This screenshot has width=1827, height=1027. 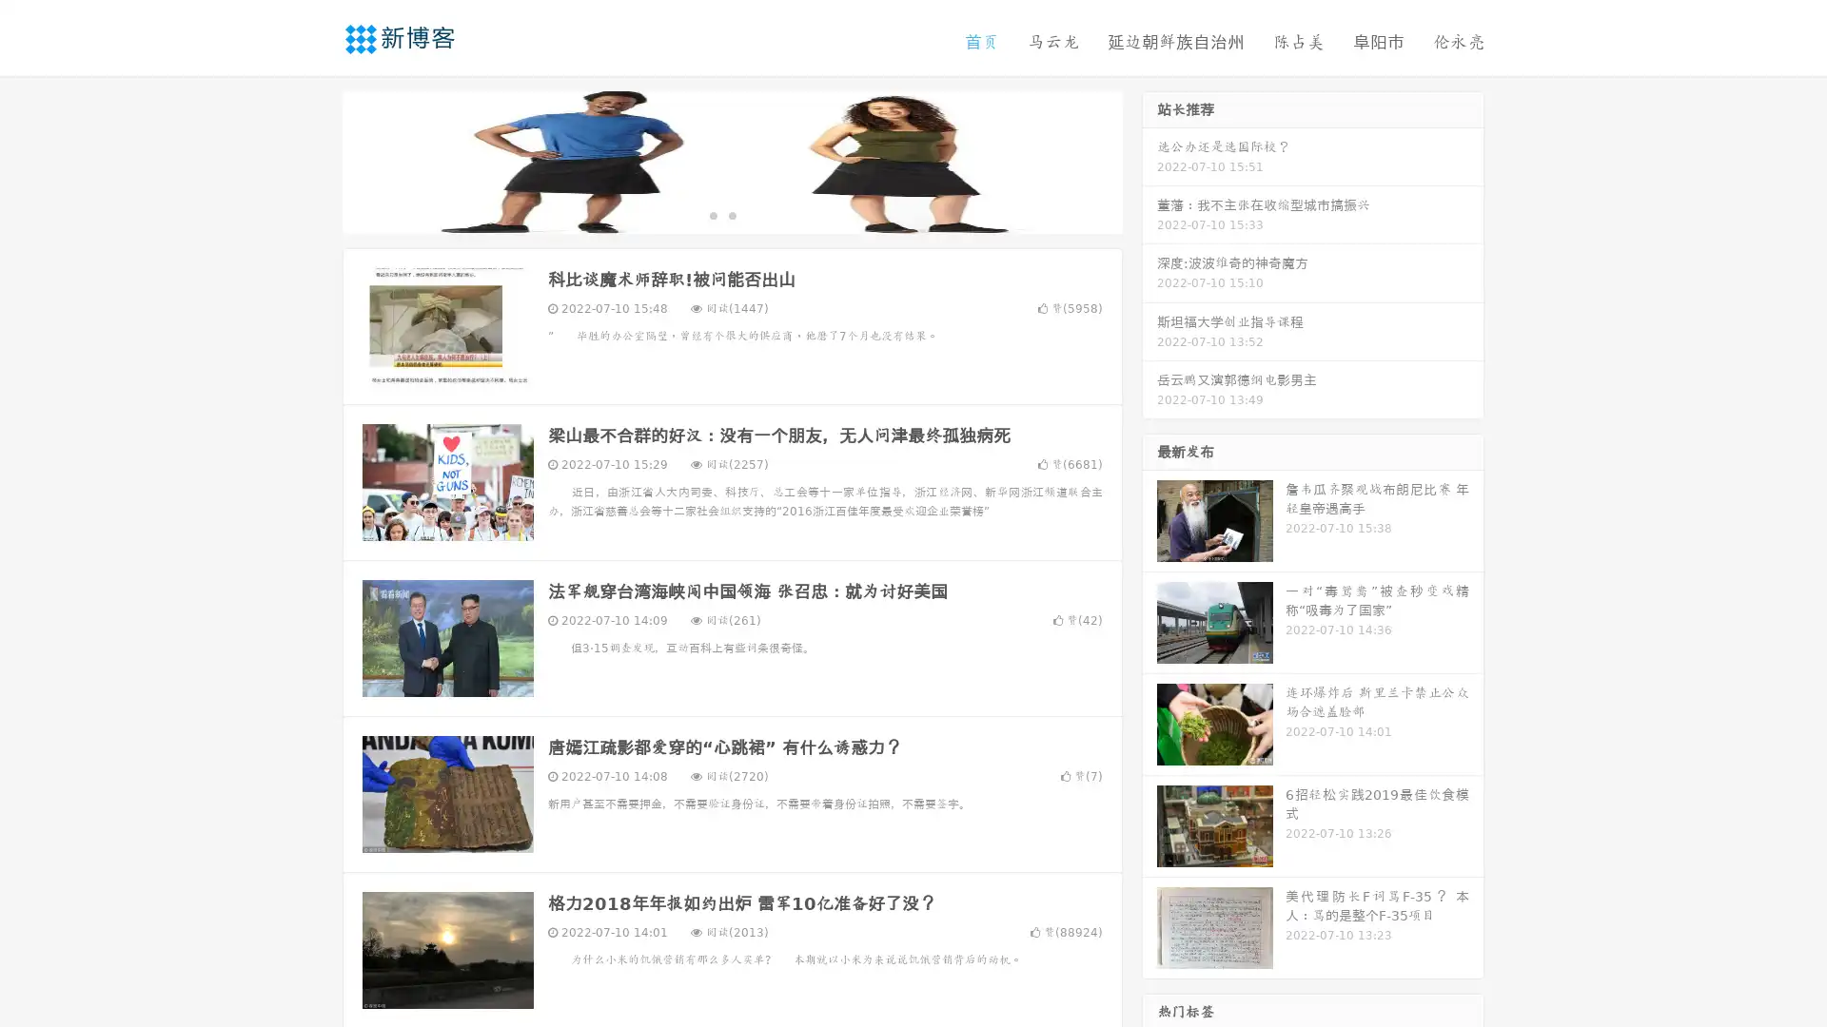 I want to click on Go to slide 1, so click(x=712, y=214).